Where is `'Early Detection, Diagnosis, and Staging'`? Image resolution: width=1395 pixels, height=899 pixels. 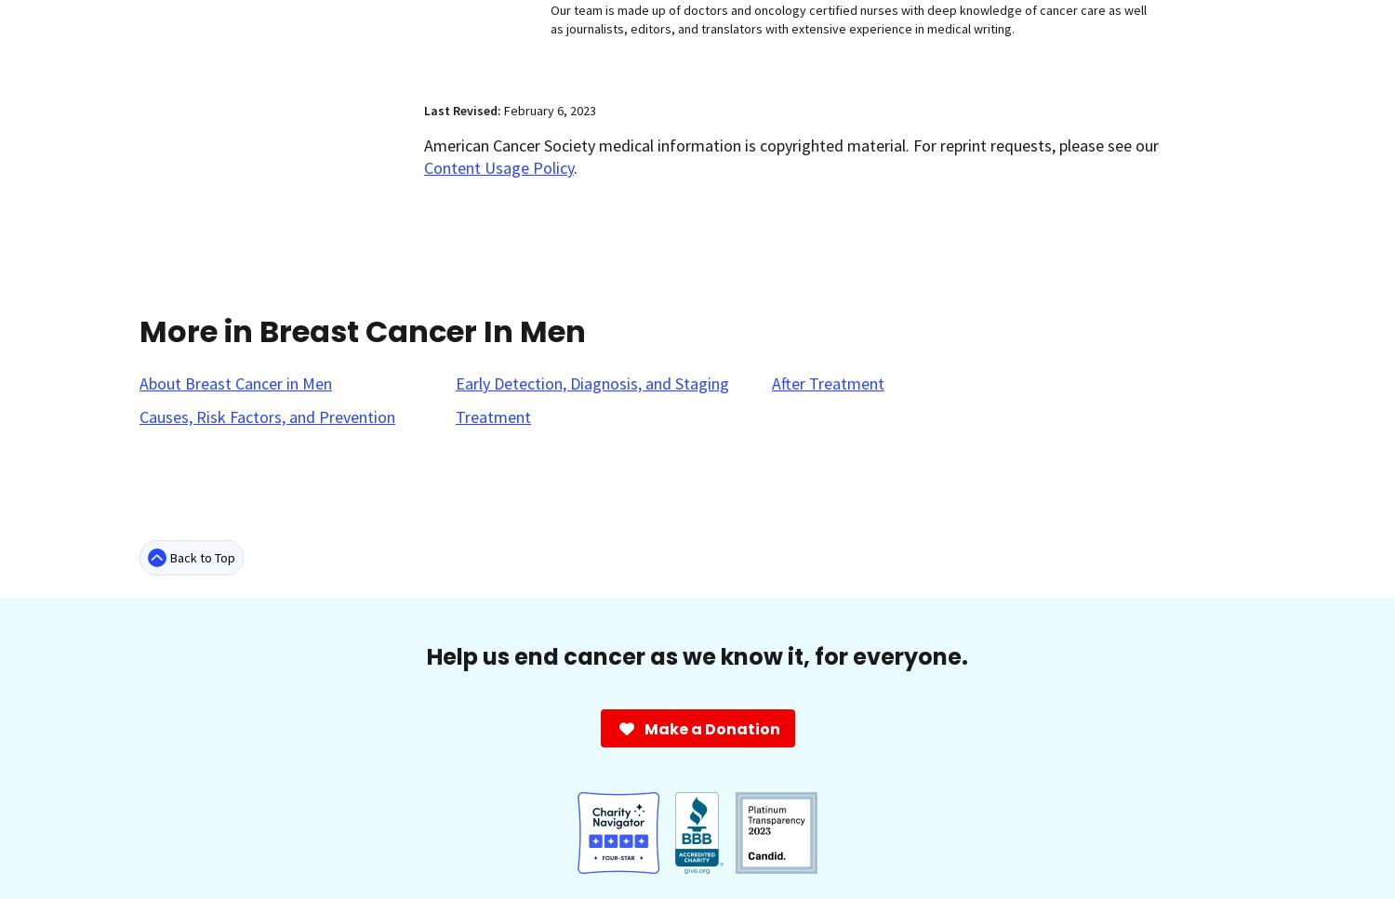
'Early Detection, Diagnosis, and Staging' is located at coordinates (454, 382).